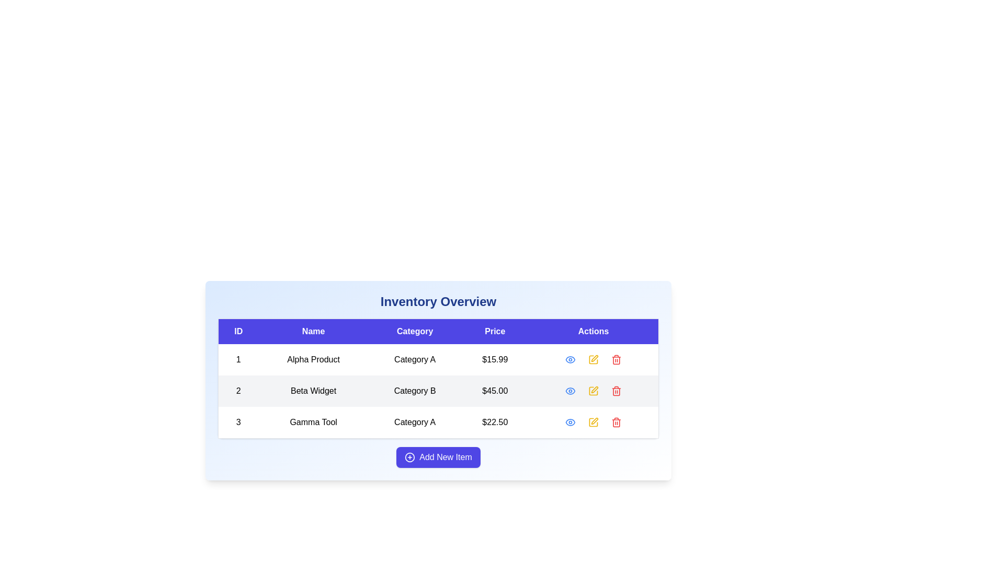  I want to click on the red trash icon button located in the second row of the table under the 'Actions' column for keyboard interaction, so click(617, 391).